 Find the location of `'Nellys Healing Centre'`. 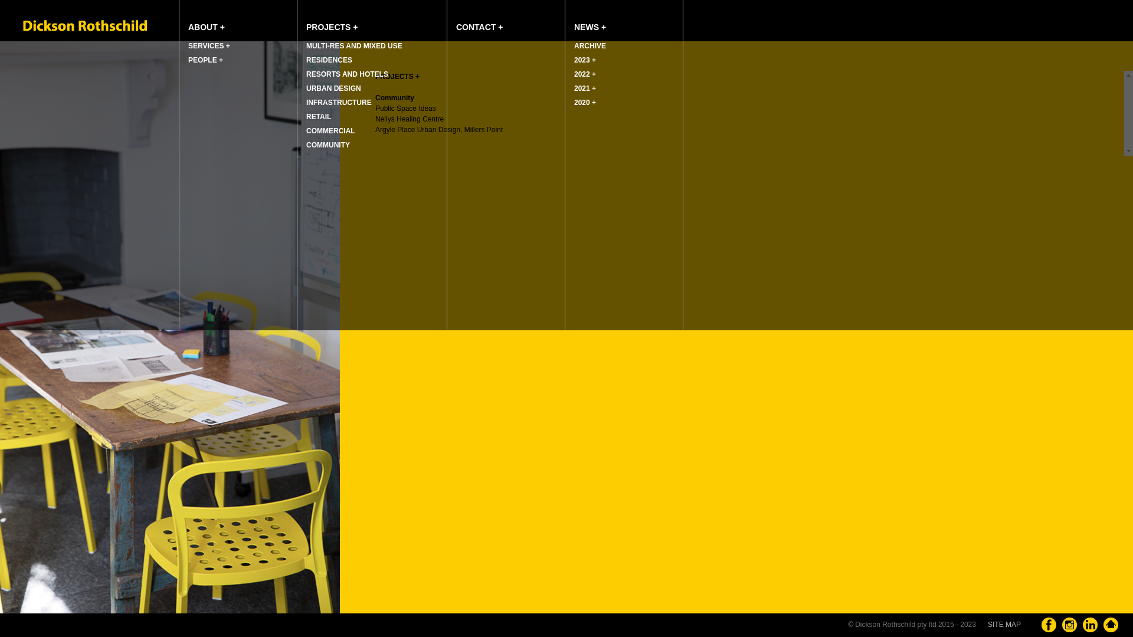

'Nellys Healing Centre' is located at coordinates (410, 119).